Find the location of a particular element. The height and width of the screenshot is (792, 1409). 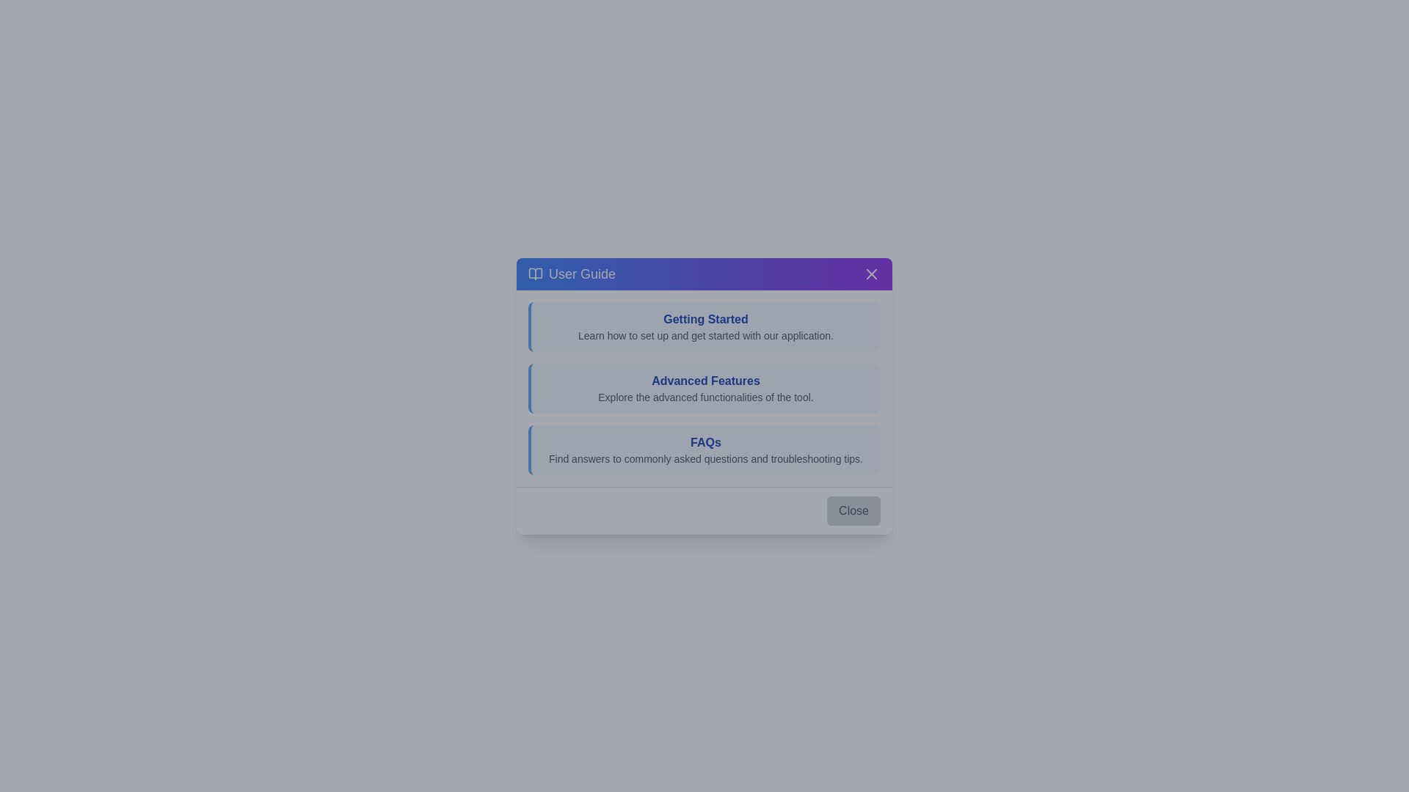

text element stating 'Learn how to set up and get started with our application', located below the bold blue title 'Getting Started' in the User Guide modal is located at coordinates (705, 335).